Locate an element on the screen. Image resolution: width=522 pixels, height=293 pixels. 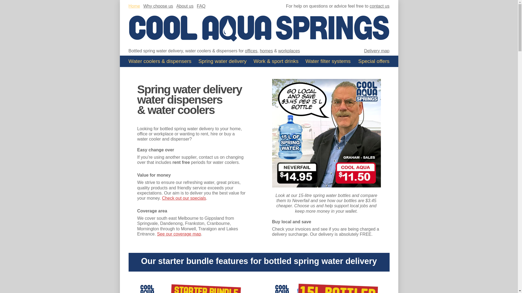
'contact us' is located at coordinates (379, 6).